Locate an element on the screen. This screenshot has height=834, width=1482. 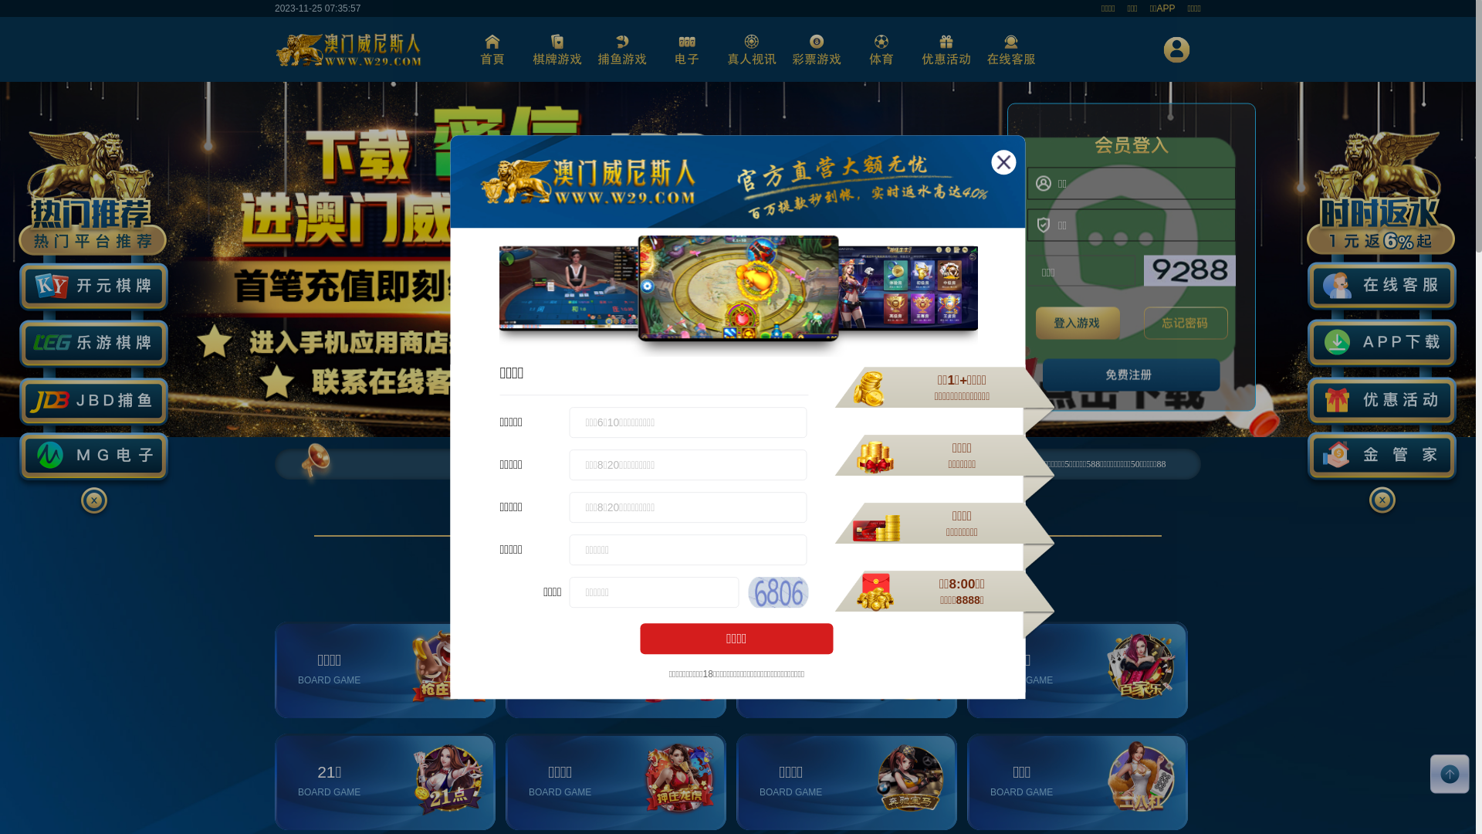
'2023-11-25 07:35:56' is located at coordinates (316, 8).